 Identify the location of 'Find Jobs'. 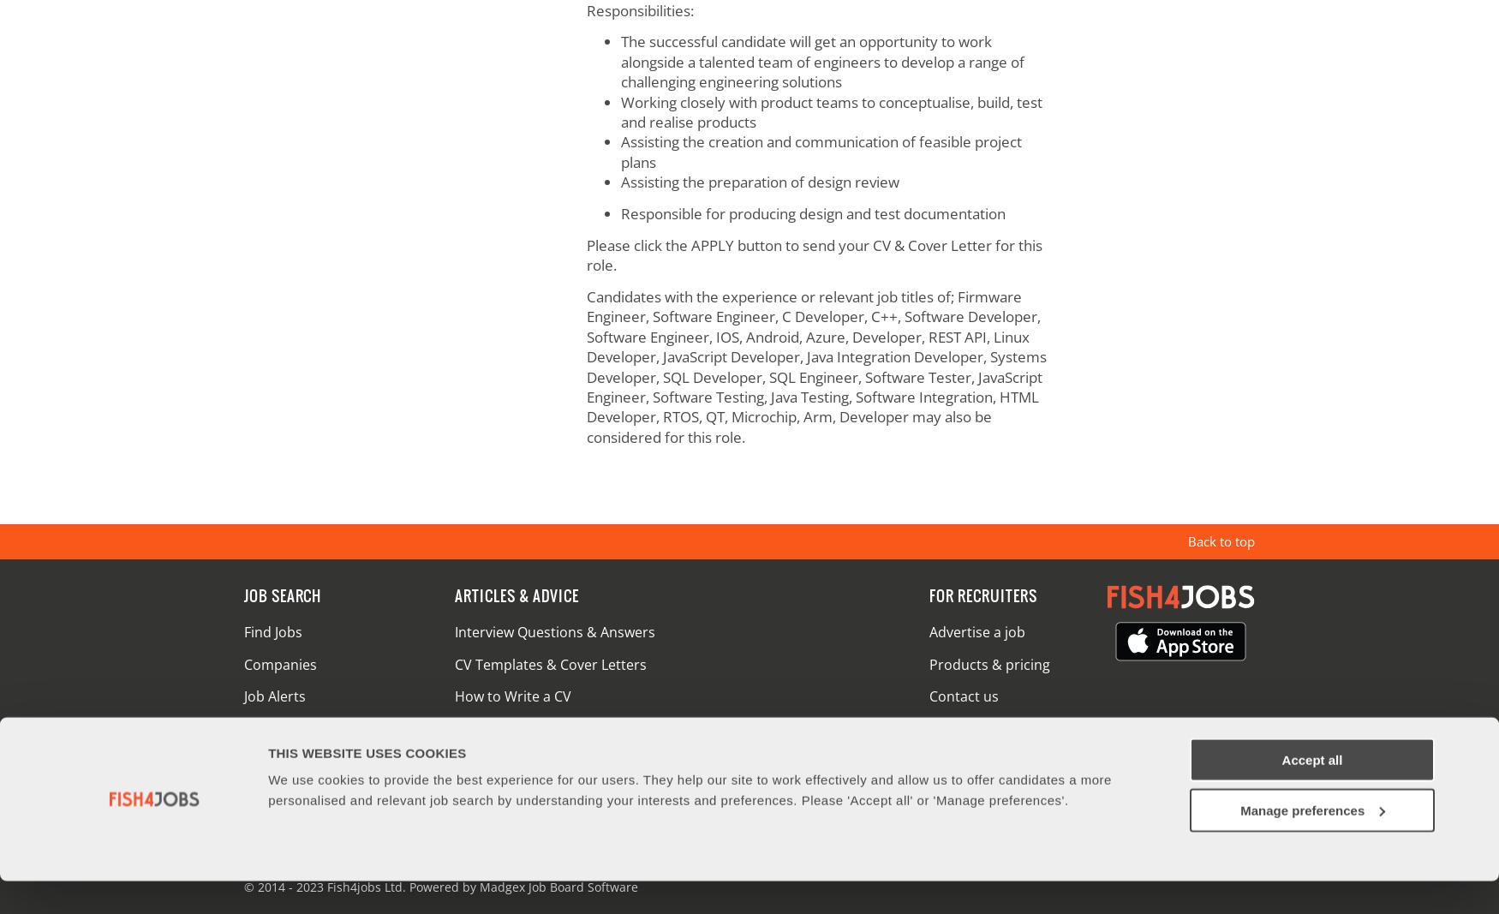
(273, 630).